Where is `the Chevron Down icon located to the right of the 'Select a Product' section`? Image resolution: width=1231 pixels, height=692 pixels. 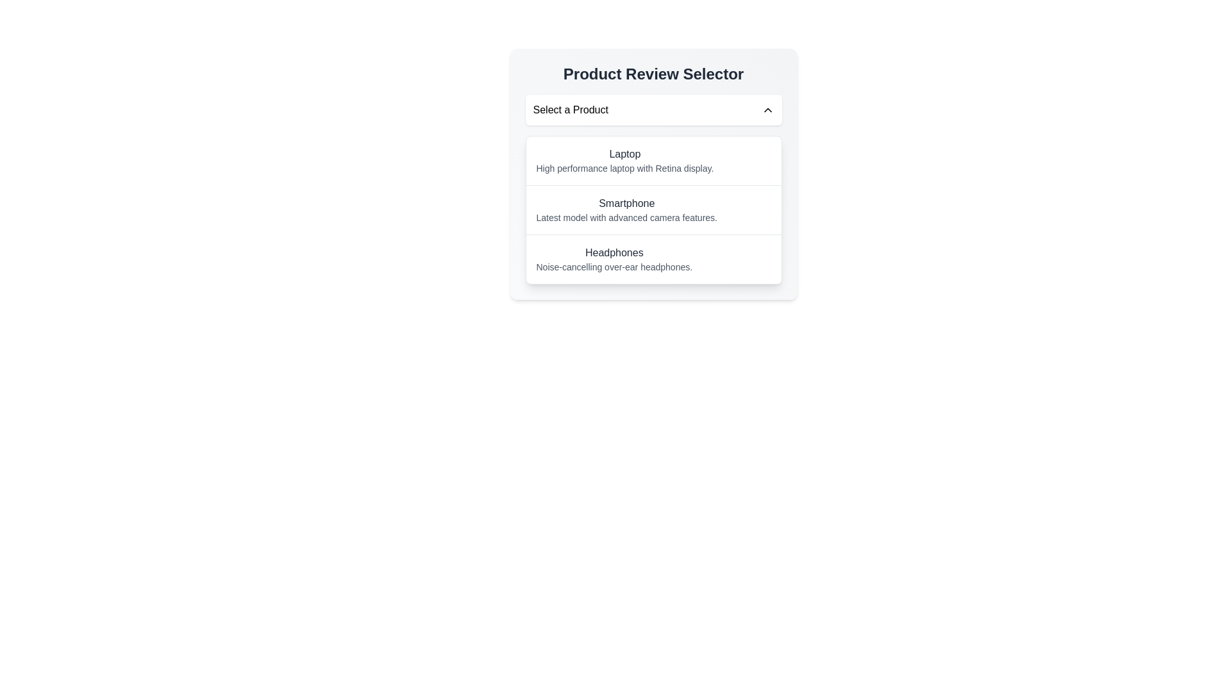 the Chevron Down icon located to the right of the 'Select a Product' section is located at coordinates (767, 110).